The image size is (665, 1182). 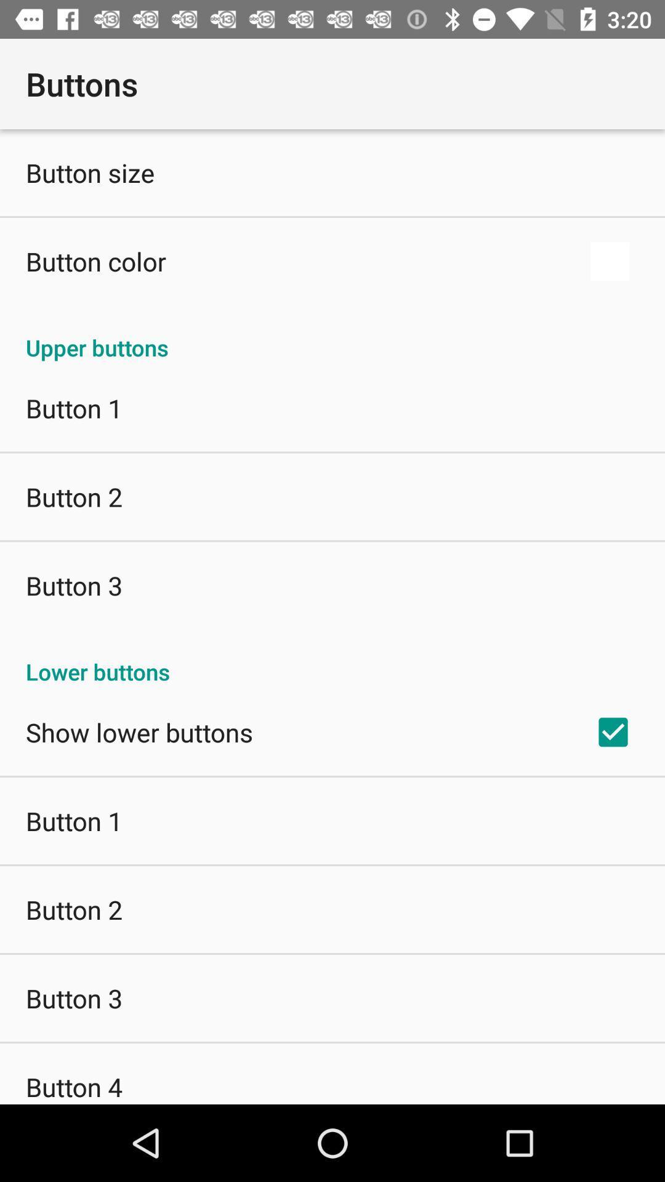 I want to click on button size item, so click(x=89, y=172).